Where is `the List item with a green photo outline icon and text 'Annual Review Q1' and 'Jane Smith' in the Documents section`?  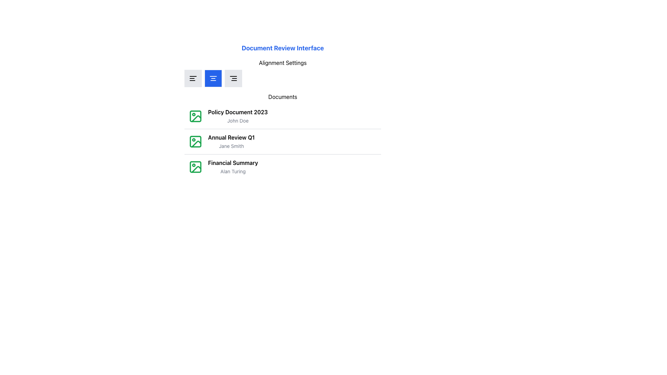
the List item with a green photo outline icon and text 'Annual Review Q1' and 'Jane Smith' in the Documents section is located at coordinates (221, 141).